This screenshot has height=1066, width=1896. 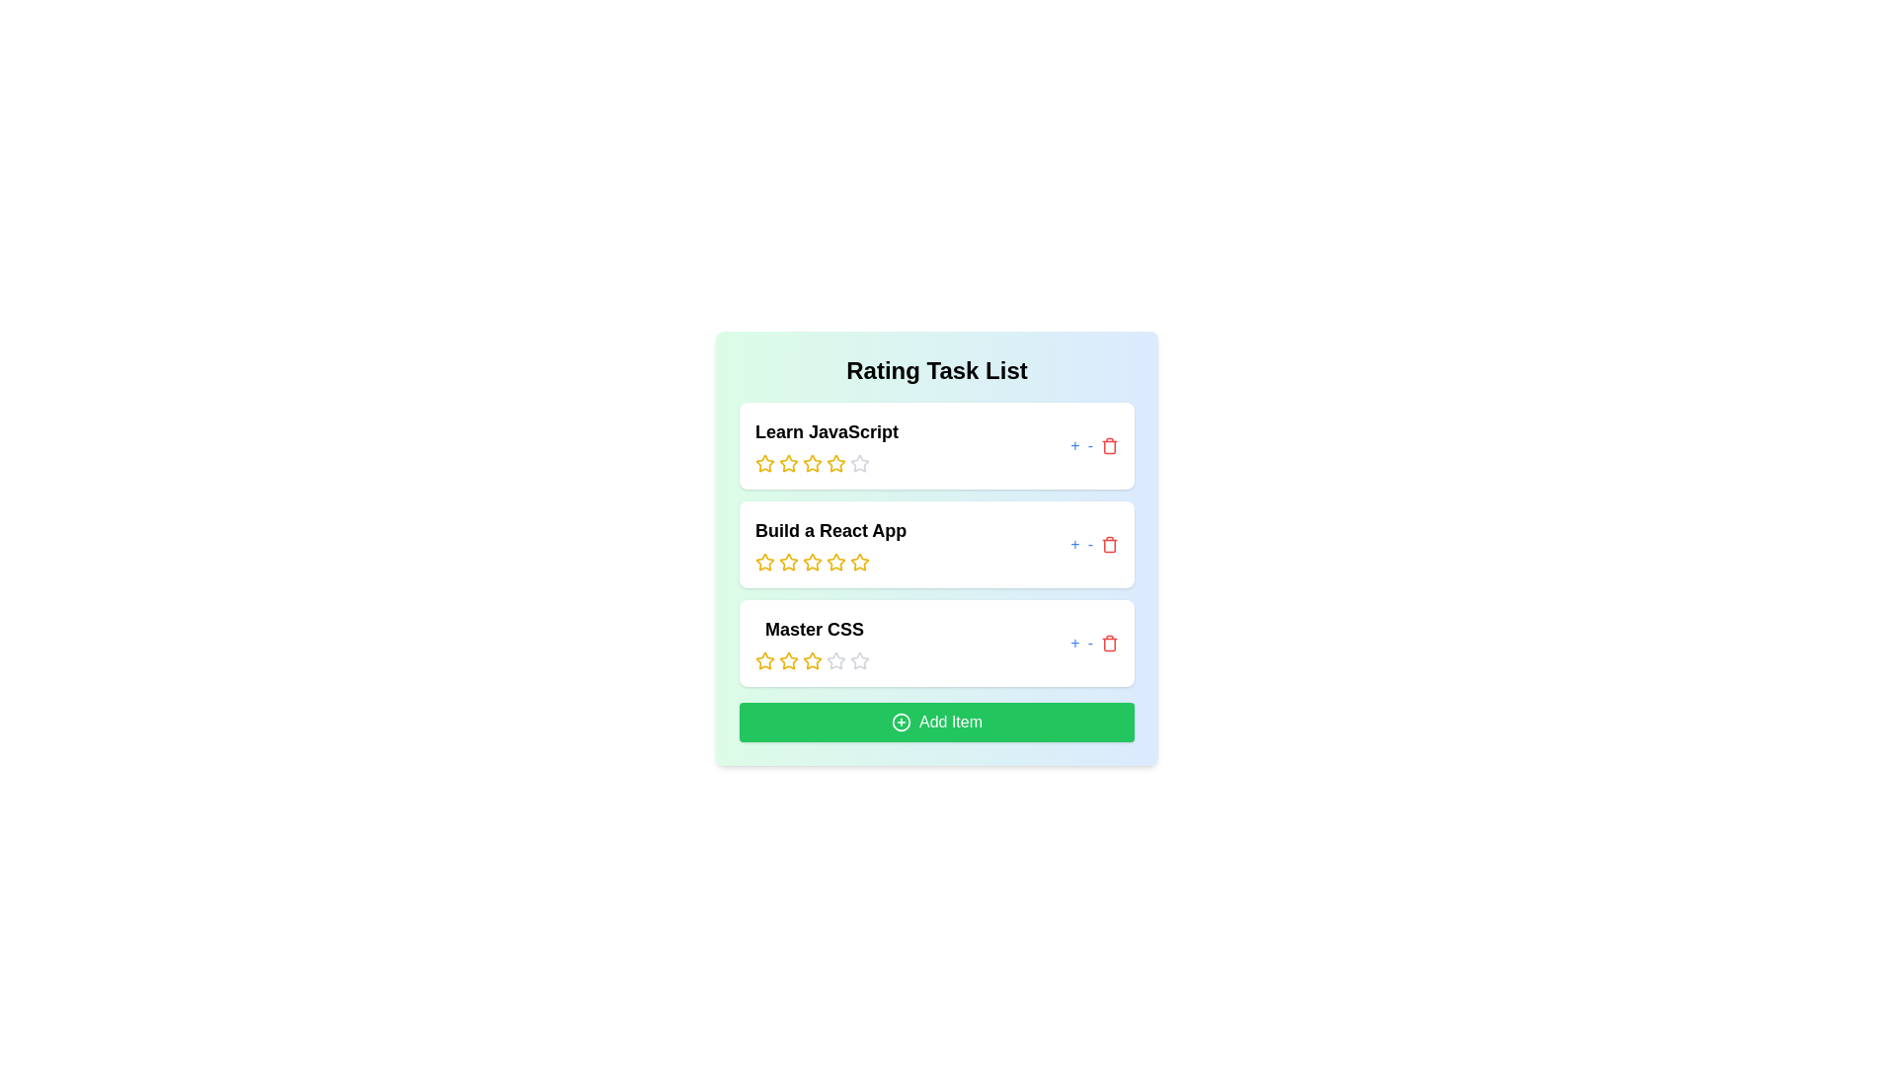 I want to click on '+' button to increase the rating of the item 'Master CSS' by 1, so click(x=1074, y=643).